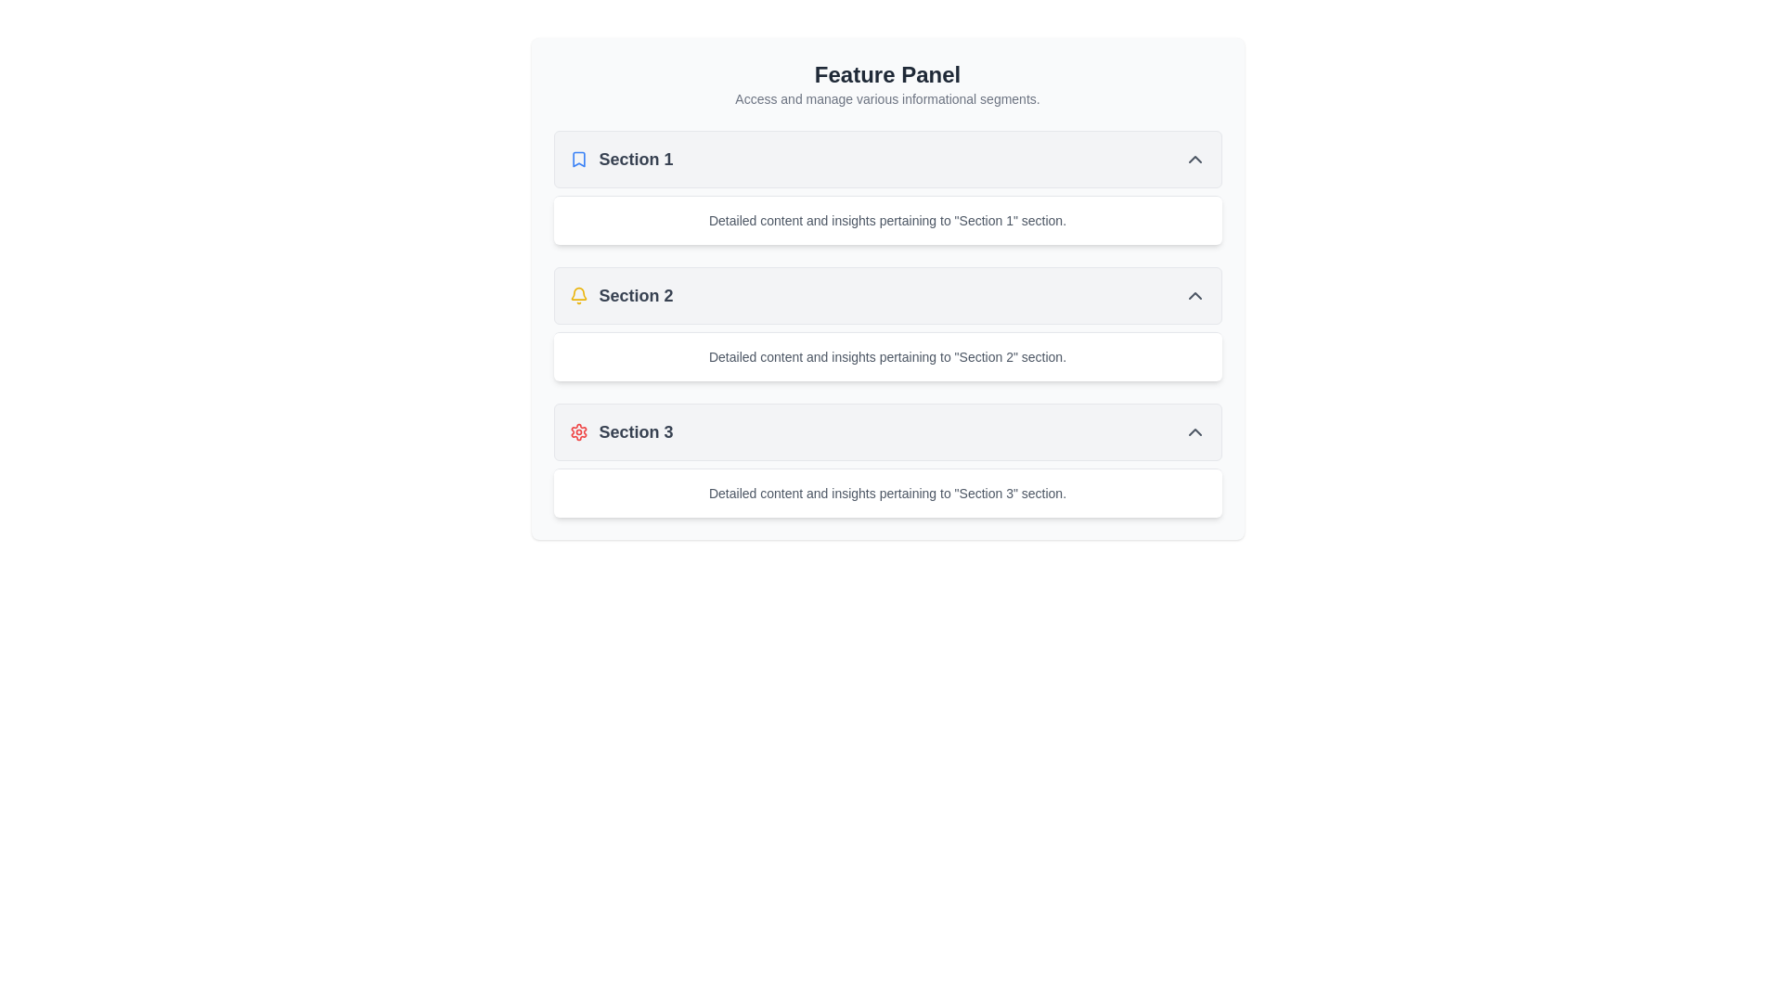 The width and height of the screenshot is (1782, 1002). I want to click on the red gear icon for settings located in 'Section 3', so click(577, 432).